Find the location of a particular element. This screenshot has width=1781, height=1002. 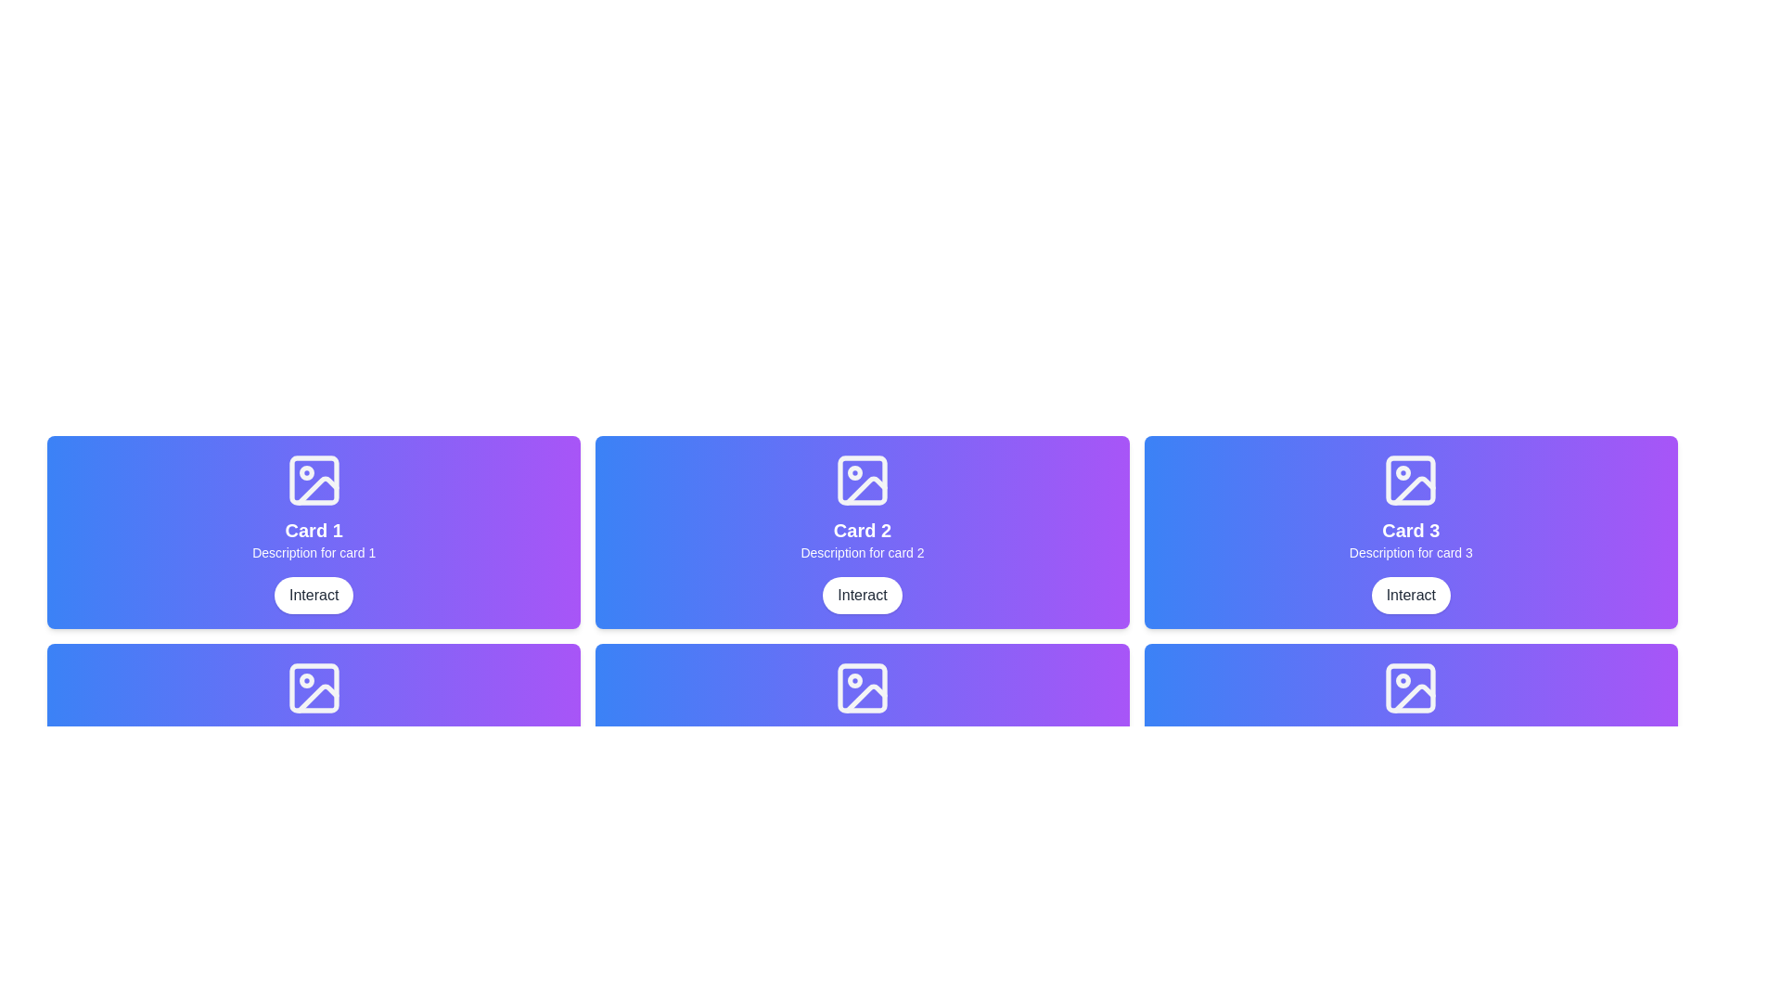

the 'Interact' button, which has a white background and black text, located at the bottom center of 'Card 2' is located at coordinates (862, 595).